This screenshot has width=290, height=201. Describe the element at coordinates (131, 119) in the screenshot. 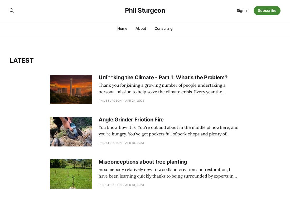

I see `'Angle Grinder Friction Fire'` at that location.